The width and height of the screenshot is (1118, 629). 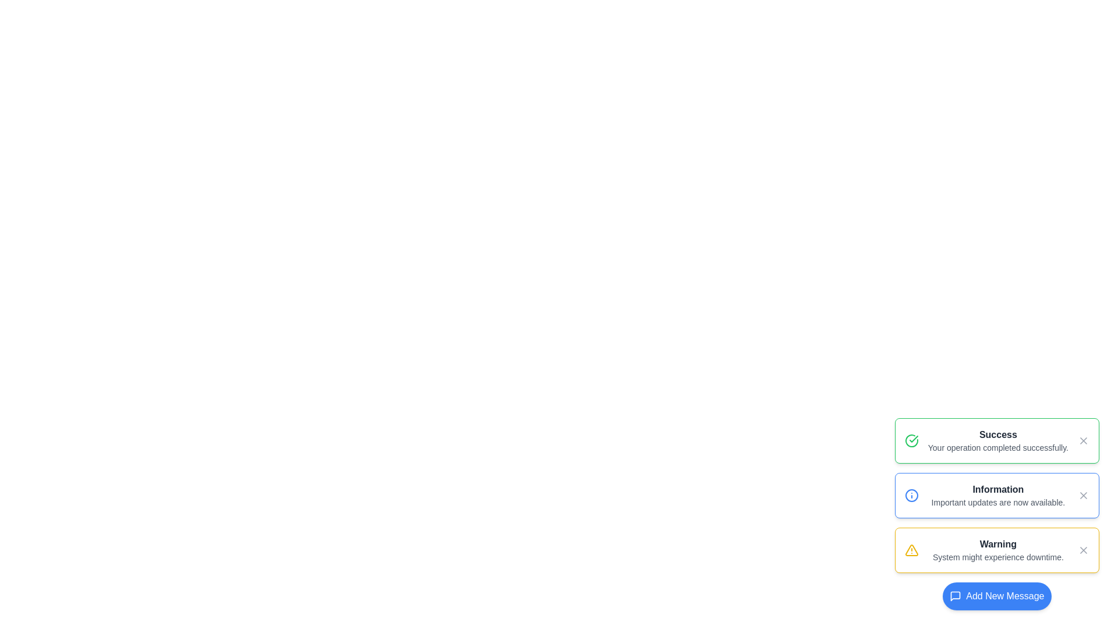 What do you see at coordinates (956, 596) in the screenshot?
I see `the messaging icon located to the left of the text inside the 'Add New Message' button at the bottom-right corner of the interface` at bounding box center [956, 596].